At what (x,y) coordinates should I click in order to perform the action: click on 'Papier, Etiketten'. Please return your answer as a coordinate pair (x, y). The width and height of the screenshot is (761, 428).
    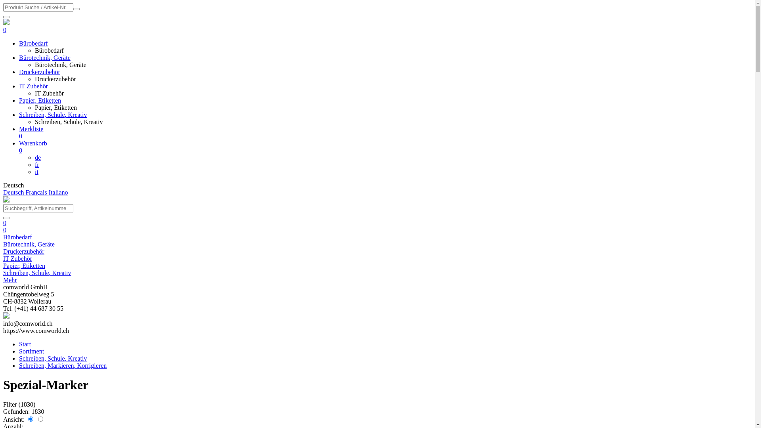
    Looking at the image, I should click on (24, 266).